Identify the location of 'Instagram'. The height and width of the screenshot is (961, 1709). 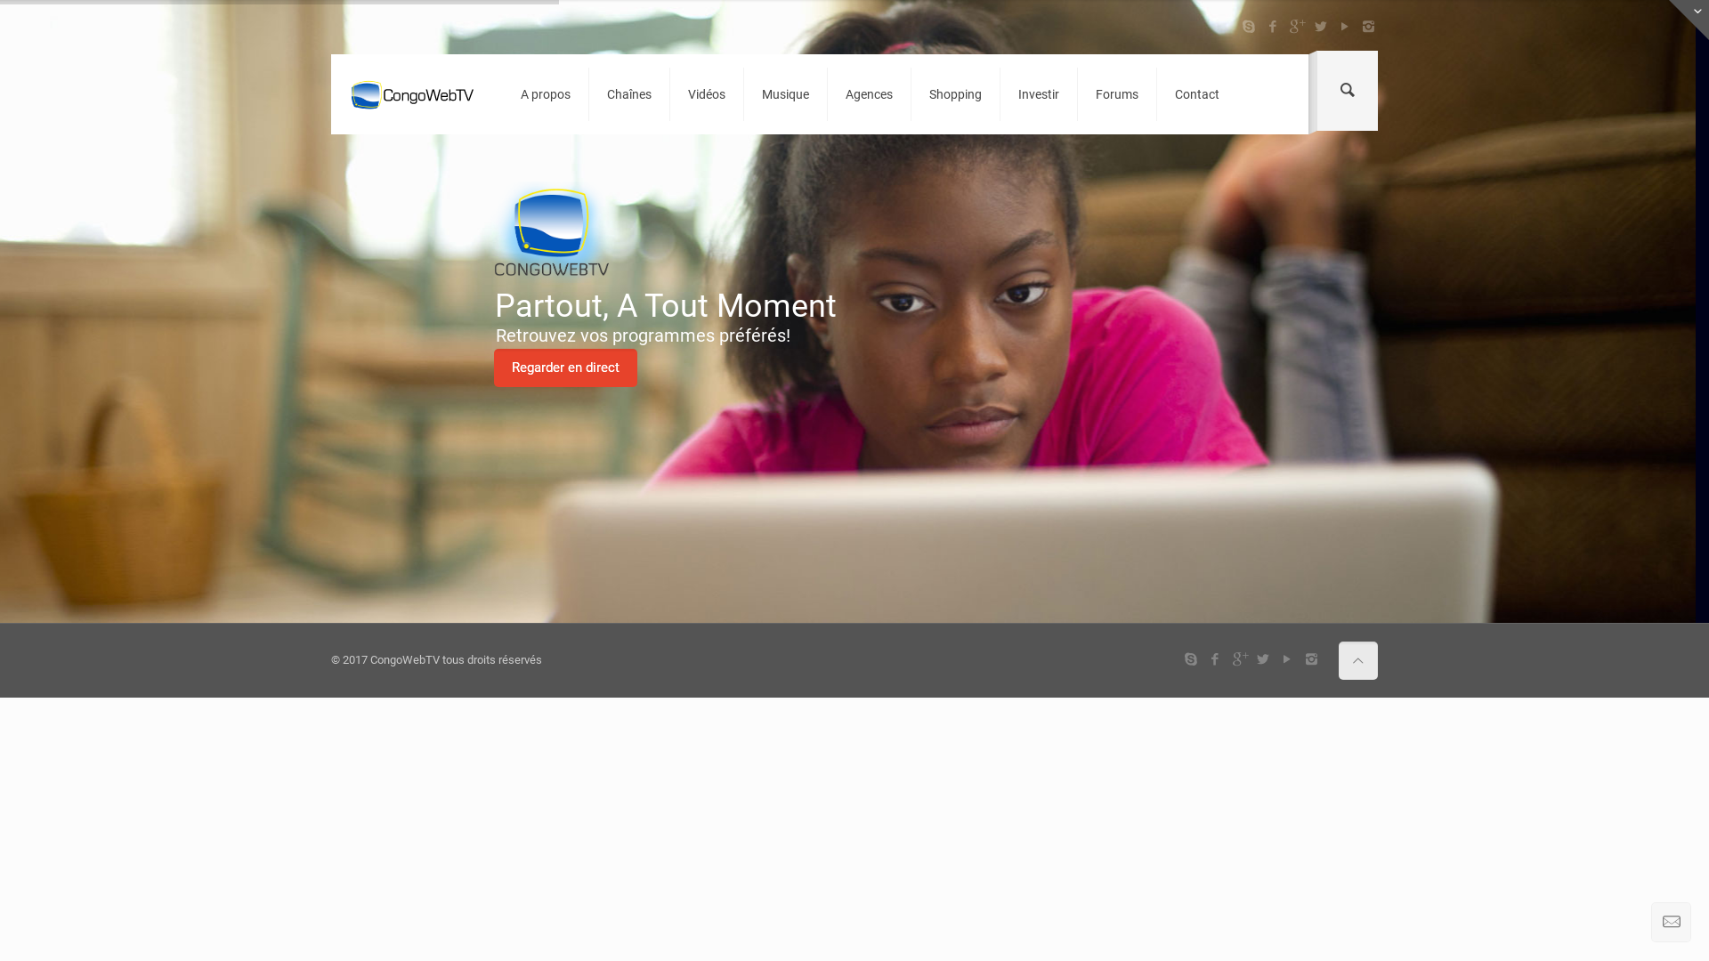
(1311, 658).